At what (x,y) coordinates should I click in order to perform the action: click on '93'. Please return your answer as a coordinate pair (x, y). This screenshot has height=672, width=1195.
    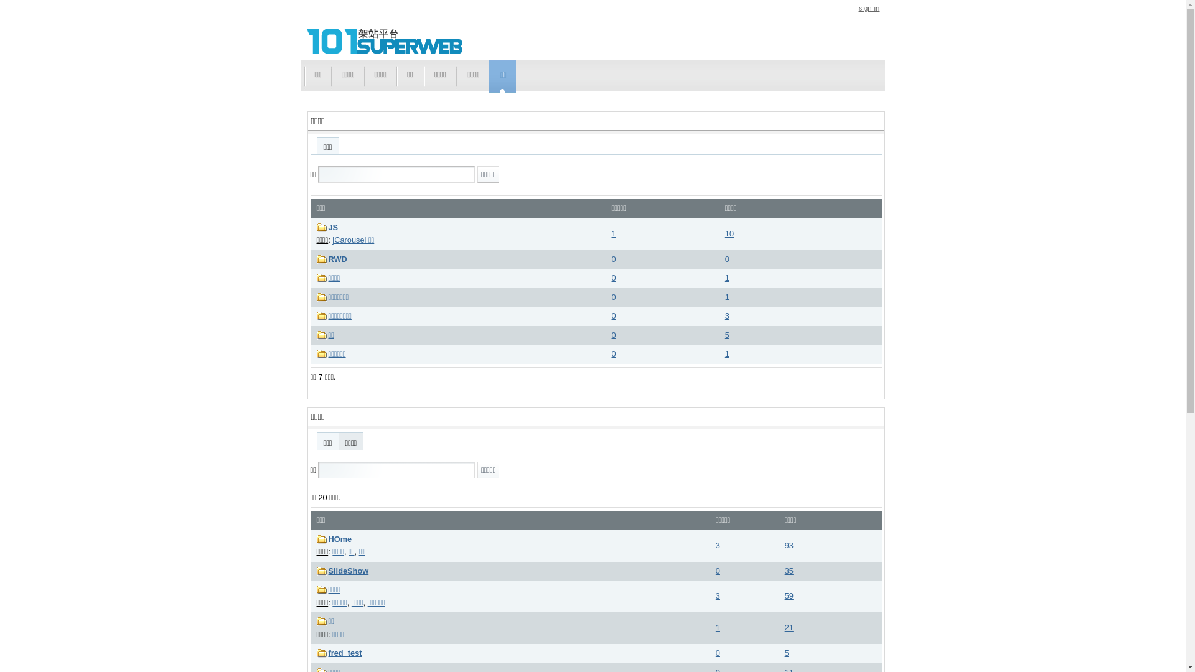
    Looking at the image, I should click on (788, 544).